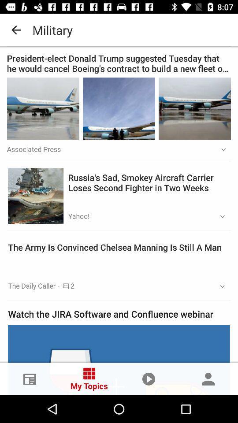 The image size is (238, 423). I want to click on the app below watch the jira, so click(119, 360).